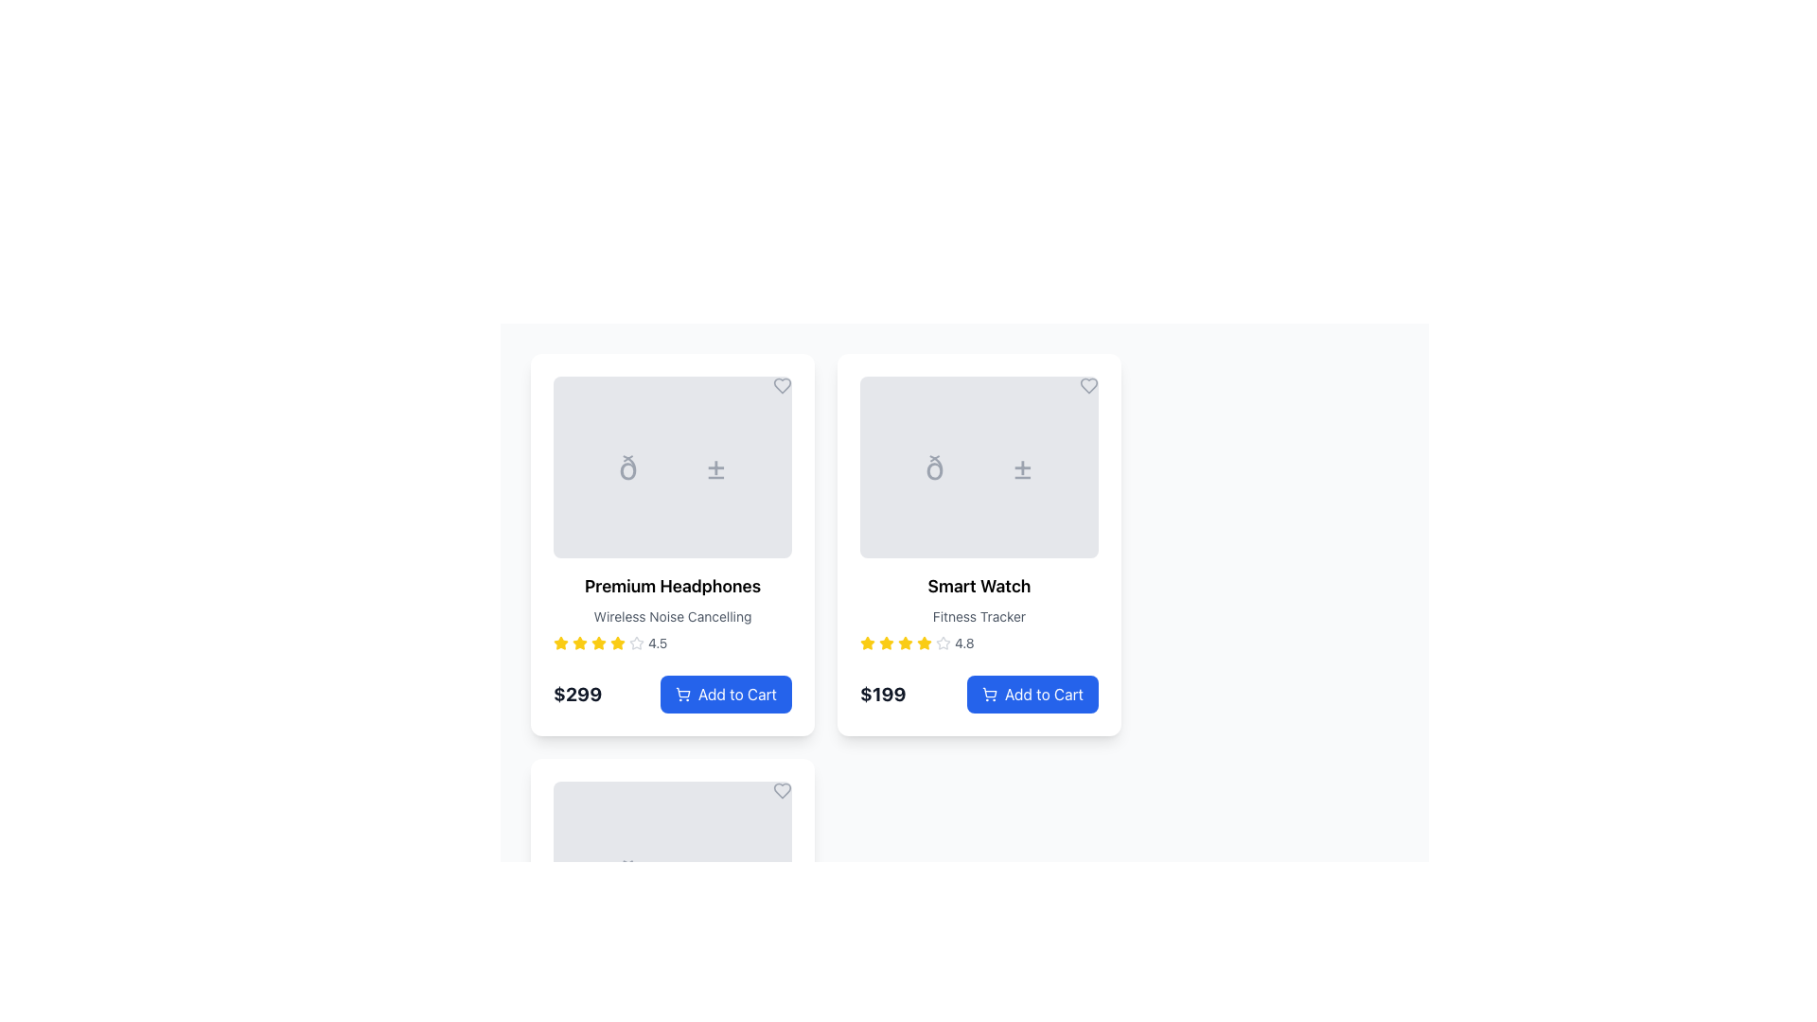  Describe the element at coordinates (979, 544) in the screenshot. I see `the second product card in the list that presents product details including title, description, price, and rating` at that location.